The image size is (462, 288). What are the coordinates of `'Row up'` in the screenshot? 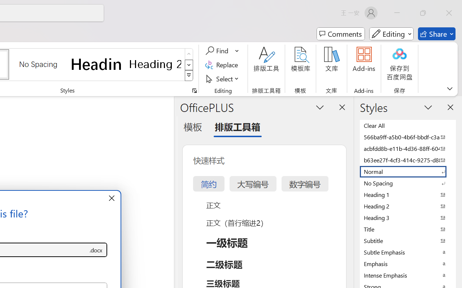 It's located at (189, 54).